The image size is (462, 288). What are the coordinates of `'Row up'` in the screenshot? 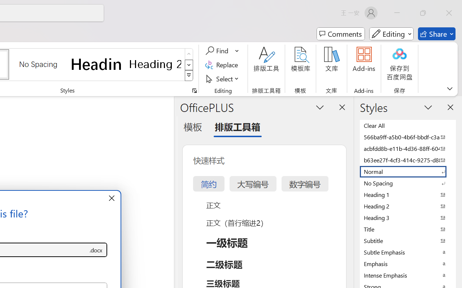 It's located at (189, 54).